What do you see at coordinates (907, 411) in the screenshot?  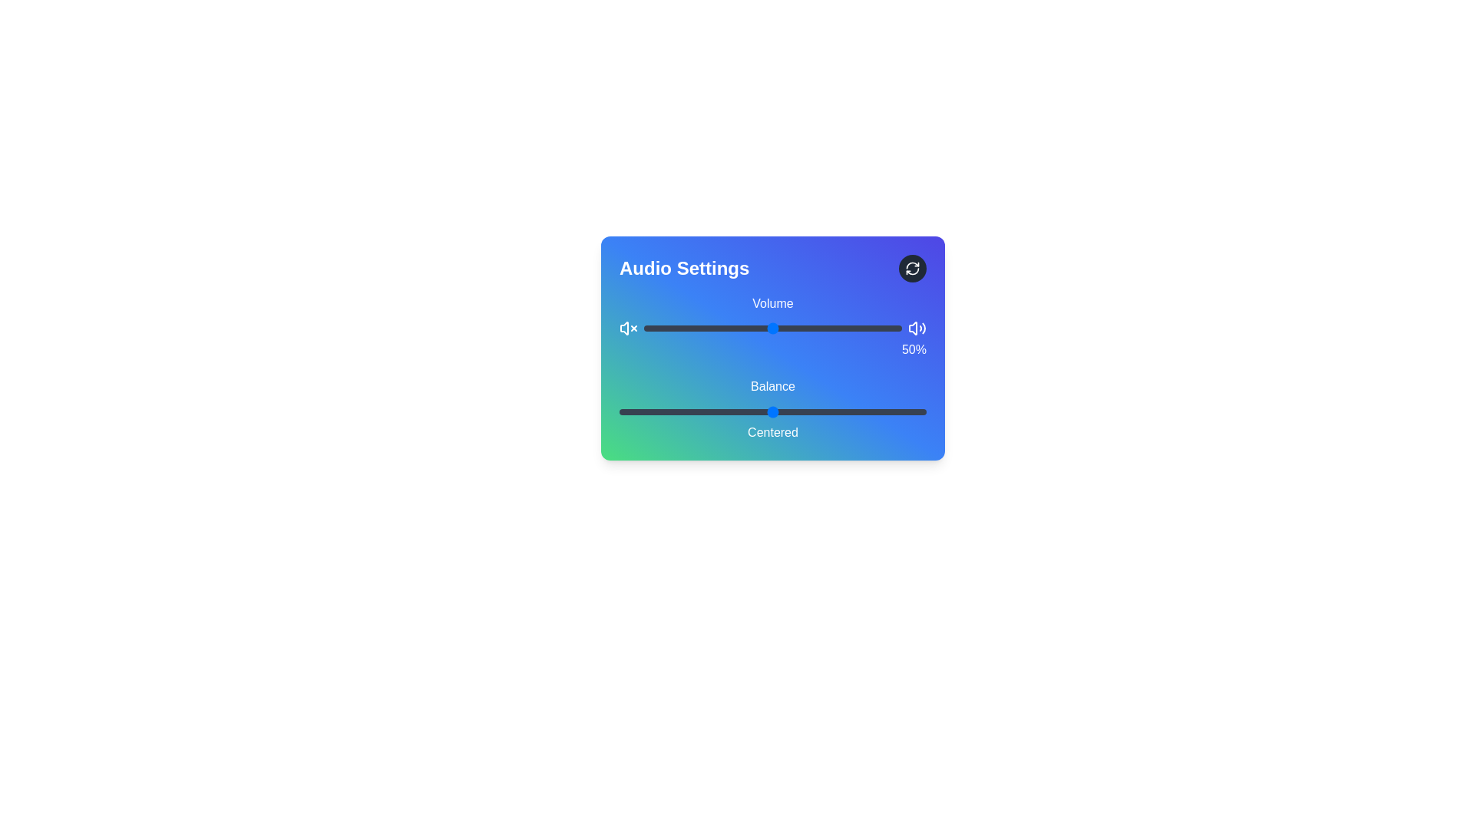 I see `the balance slider` at bounding box center [907, 411].